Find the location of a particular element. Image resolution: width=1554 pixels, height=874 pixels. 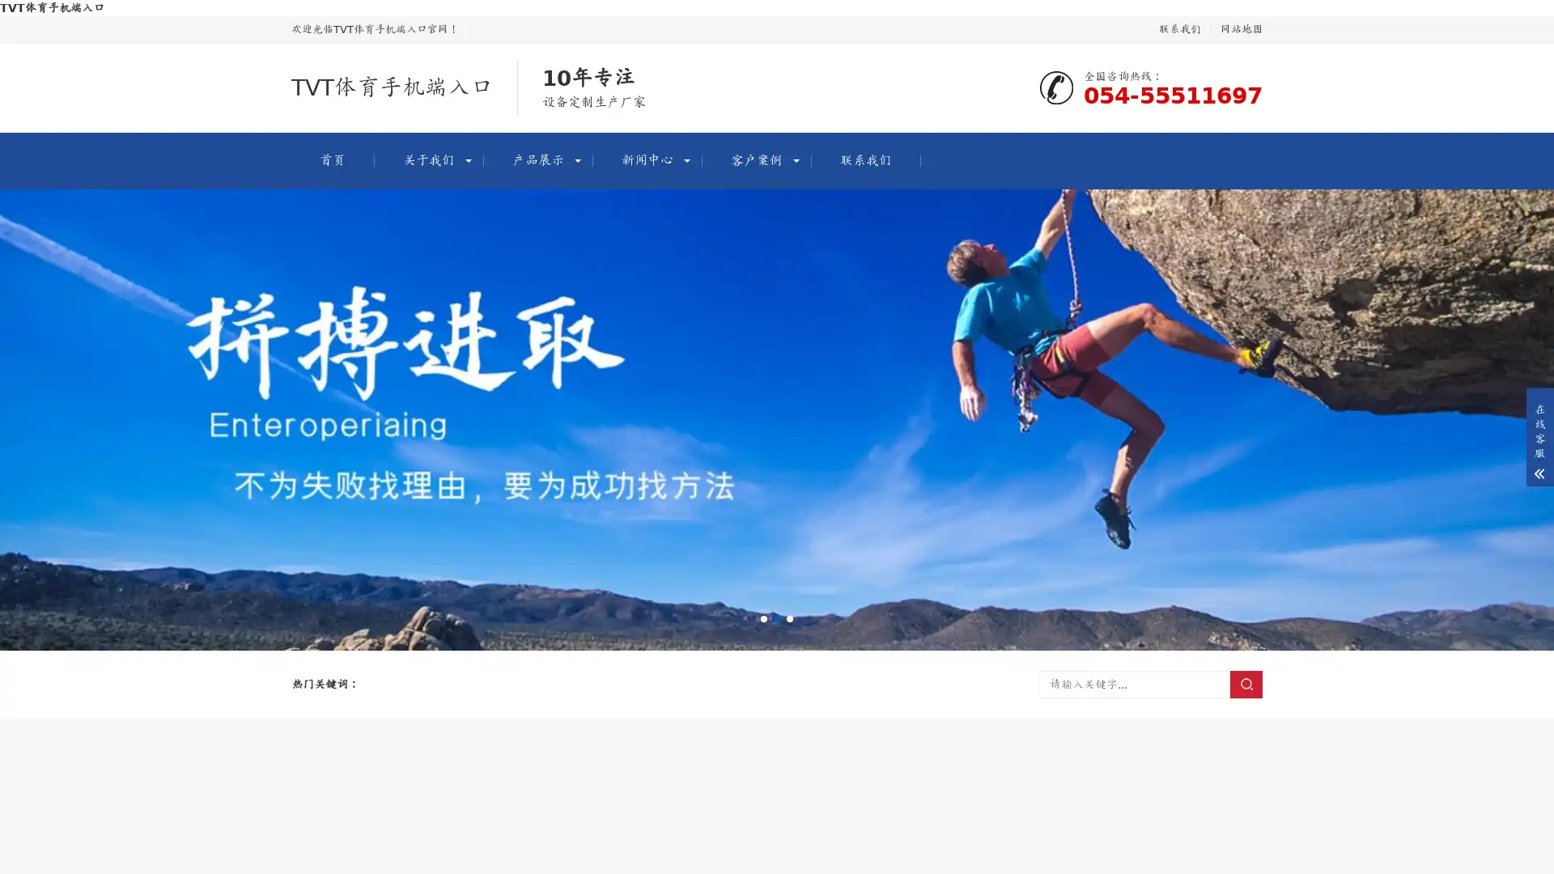

Go to slide 2 is located at coordinates (777, 618).